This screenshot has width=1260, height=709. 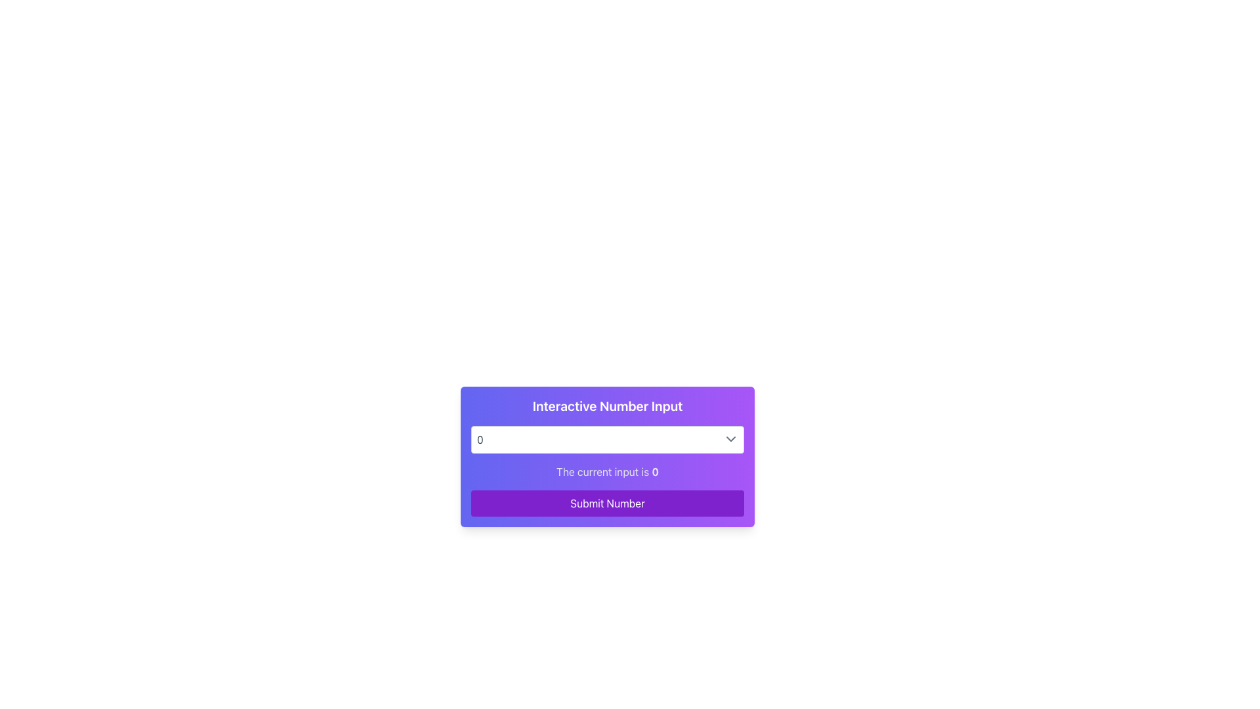 What do you see at coordinates (730, 439) in the screenshot?
I see `the downward-pointing chevron icon located at the top right corner of the white input field, which indicates dropdown functionality` at bounding box center [730, 439].